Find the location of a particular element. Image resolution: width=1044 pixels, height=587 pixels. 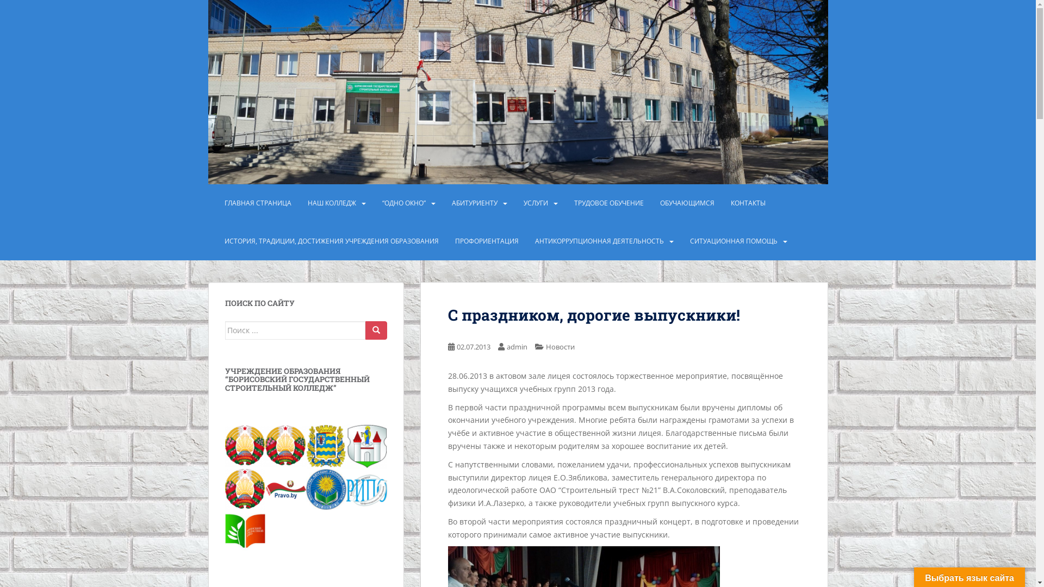

'02.07.2013' is located at coordinates (473, 346).